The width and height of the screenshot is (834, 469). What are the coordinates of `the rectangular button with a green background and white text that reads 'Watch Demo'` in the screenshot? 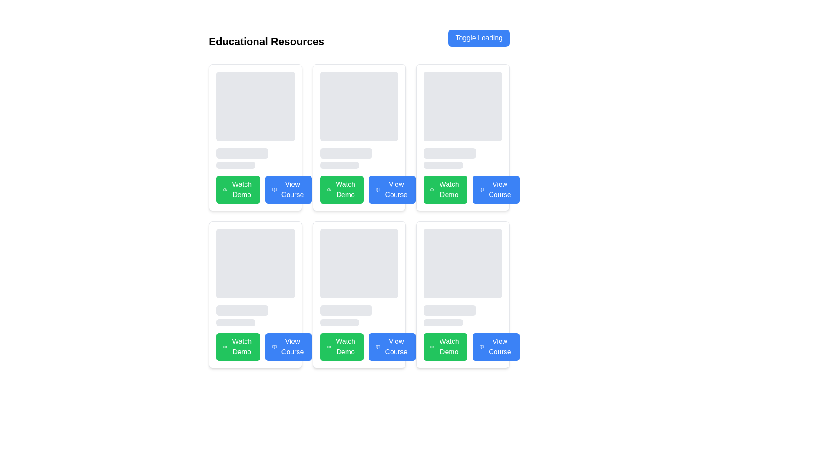 It's located at (445, 346).